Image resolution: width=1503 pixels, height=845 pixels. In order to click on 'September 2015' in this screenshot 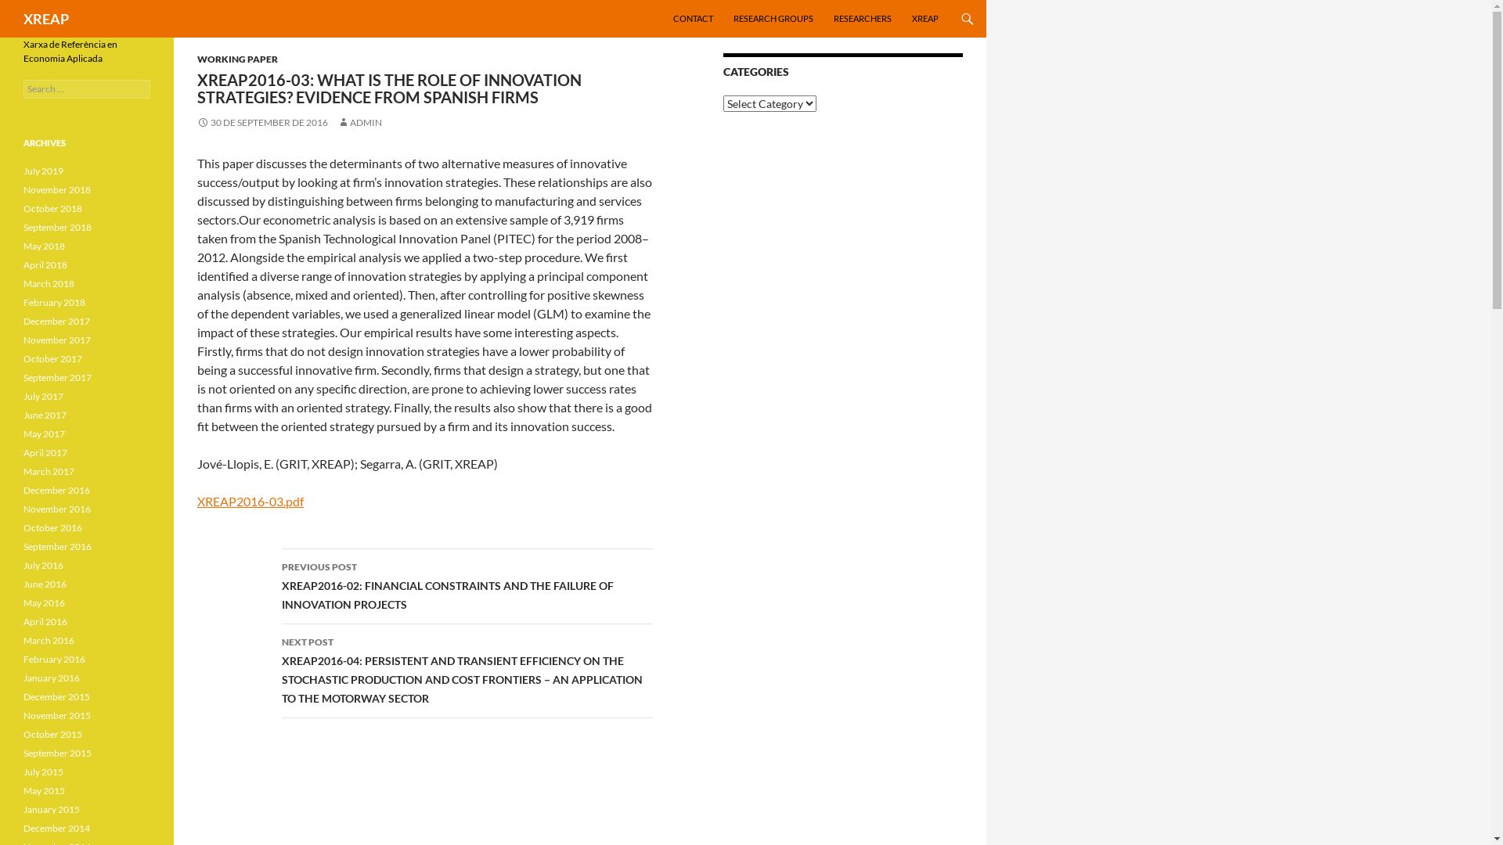, I will do `click(57, 752)`.